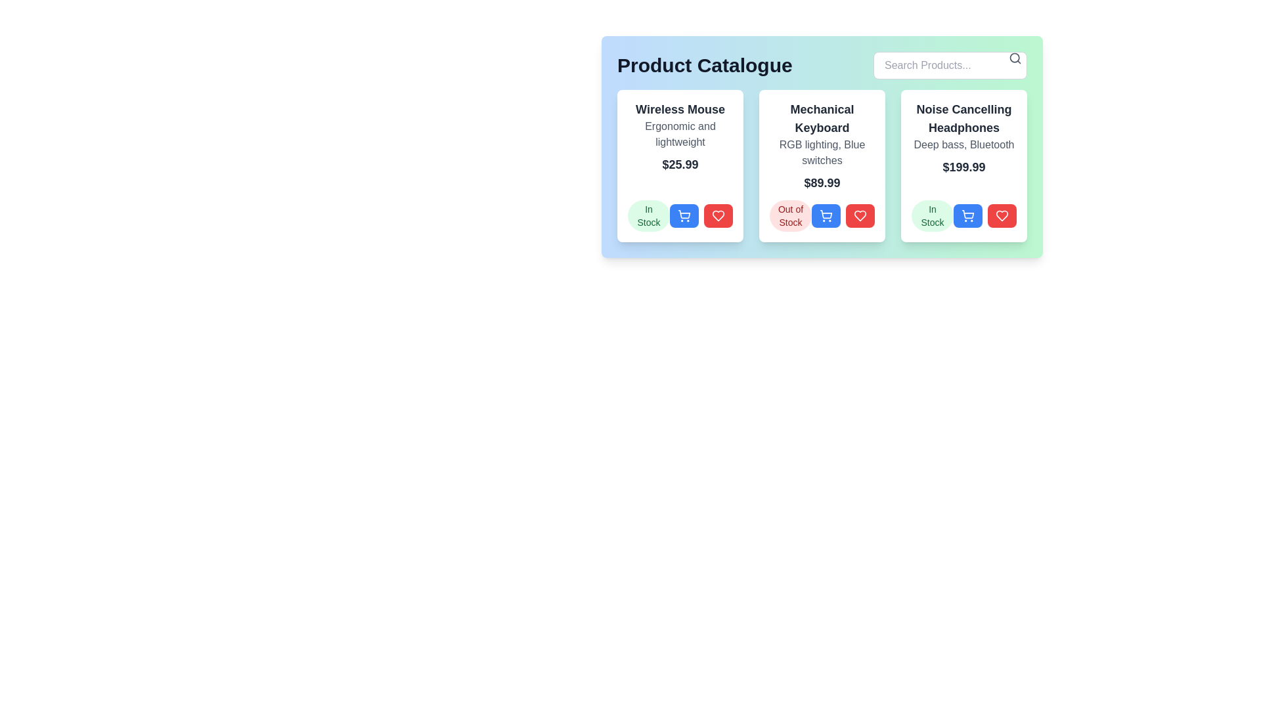  What do you see at coordinates (822, 146) in the screenshot?
I see `the informational text block that features a product description with bold titles, body text for features, and a highlighted price, located at the center of the second product card in the product catalogue grid` at bounding box center [822, 146].